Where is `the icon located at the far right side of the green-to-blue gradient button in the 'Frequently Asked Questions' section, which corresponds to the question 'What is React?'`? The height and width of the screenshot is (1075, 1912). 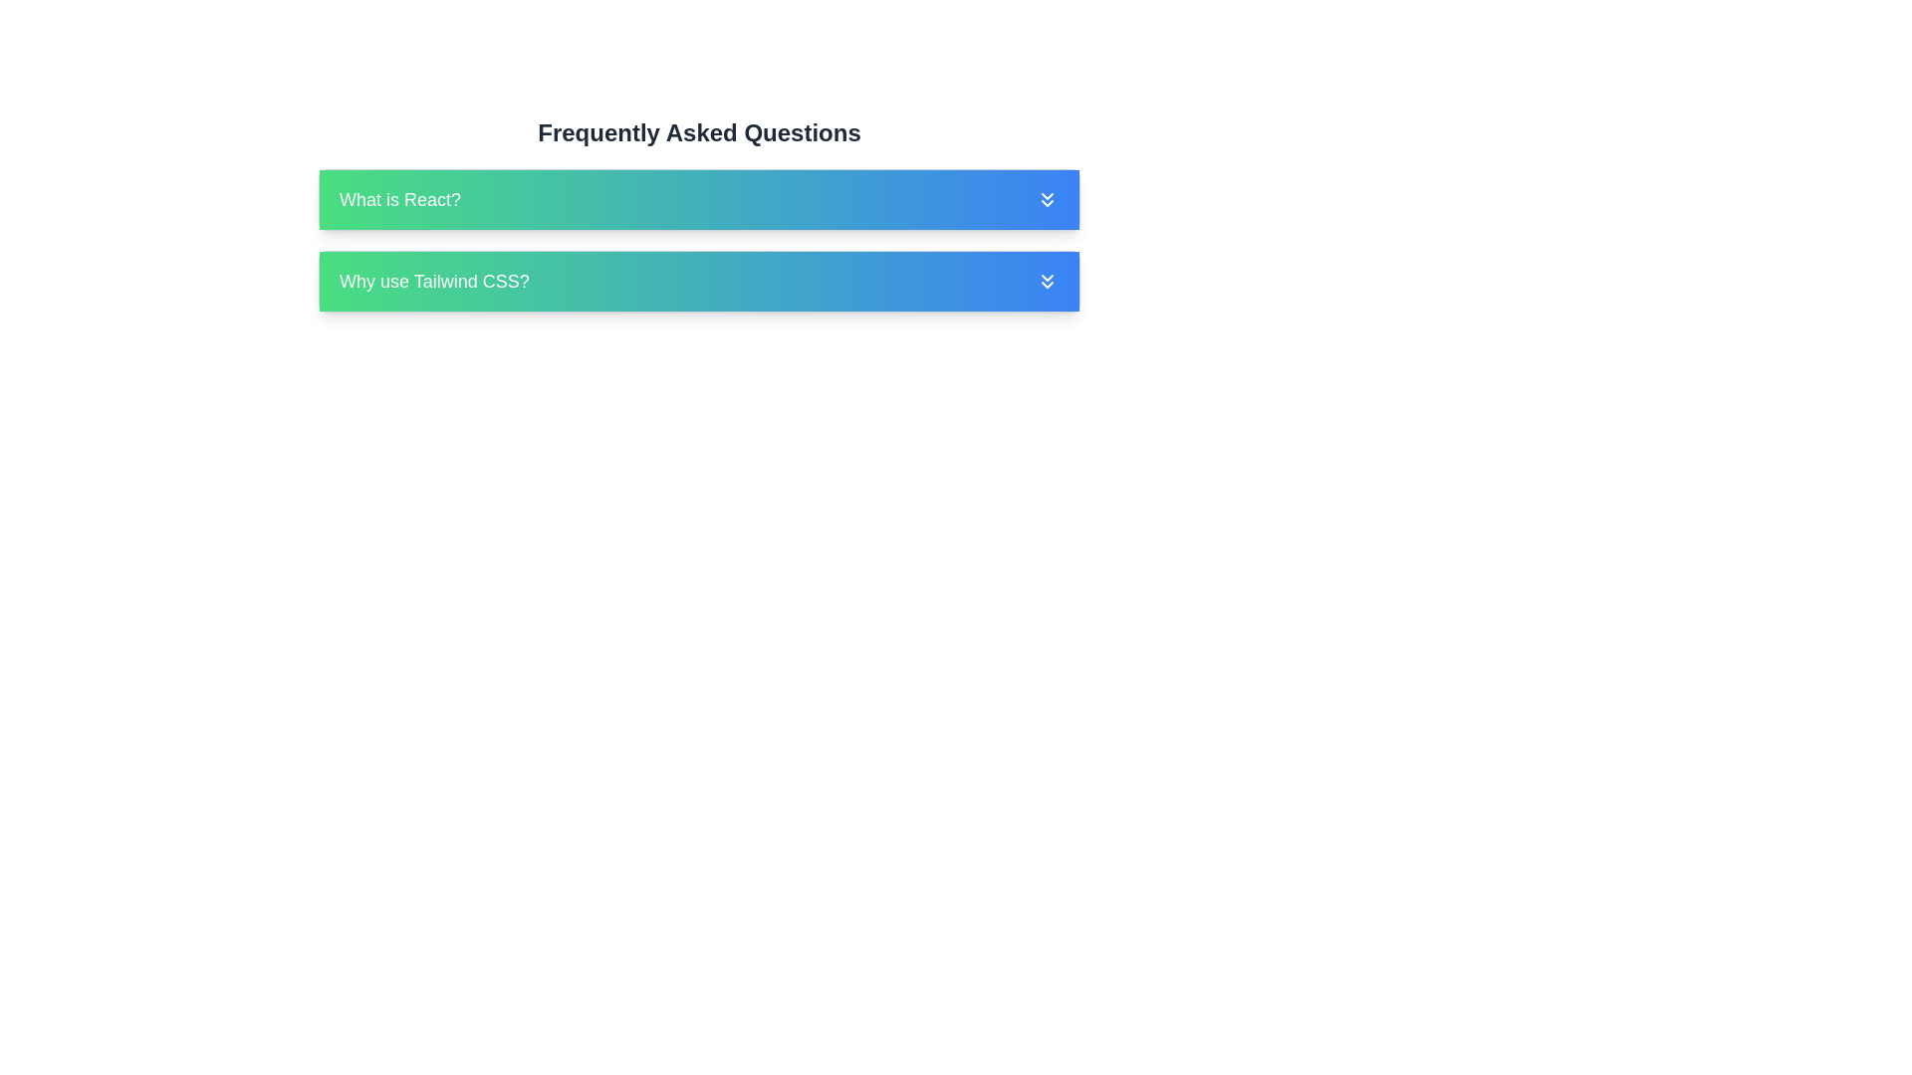 the icon located at the far right side of the green-to-blue gradient button in the 'Frequently Asked Questions' section, which corresponds to the question 'What is React?' is located at coordinates (1046, 199).